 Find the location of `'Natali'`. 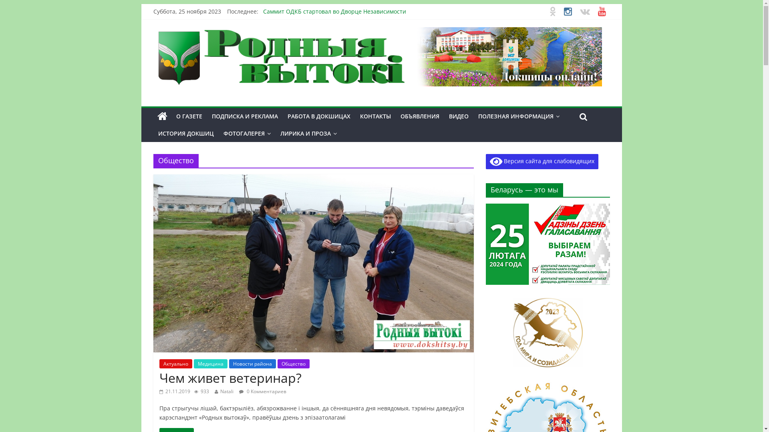

'Natali' is located at coordinates (226, 391).